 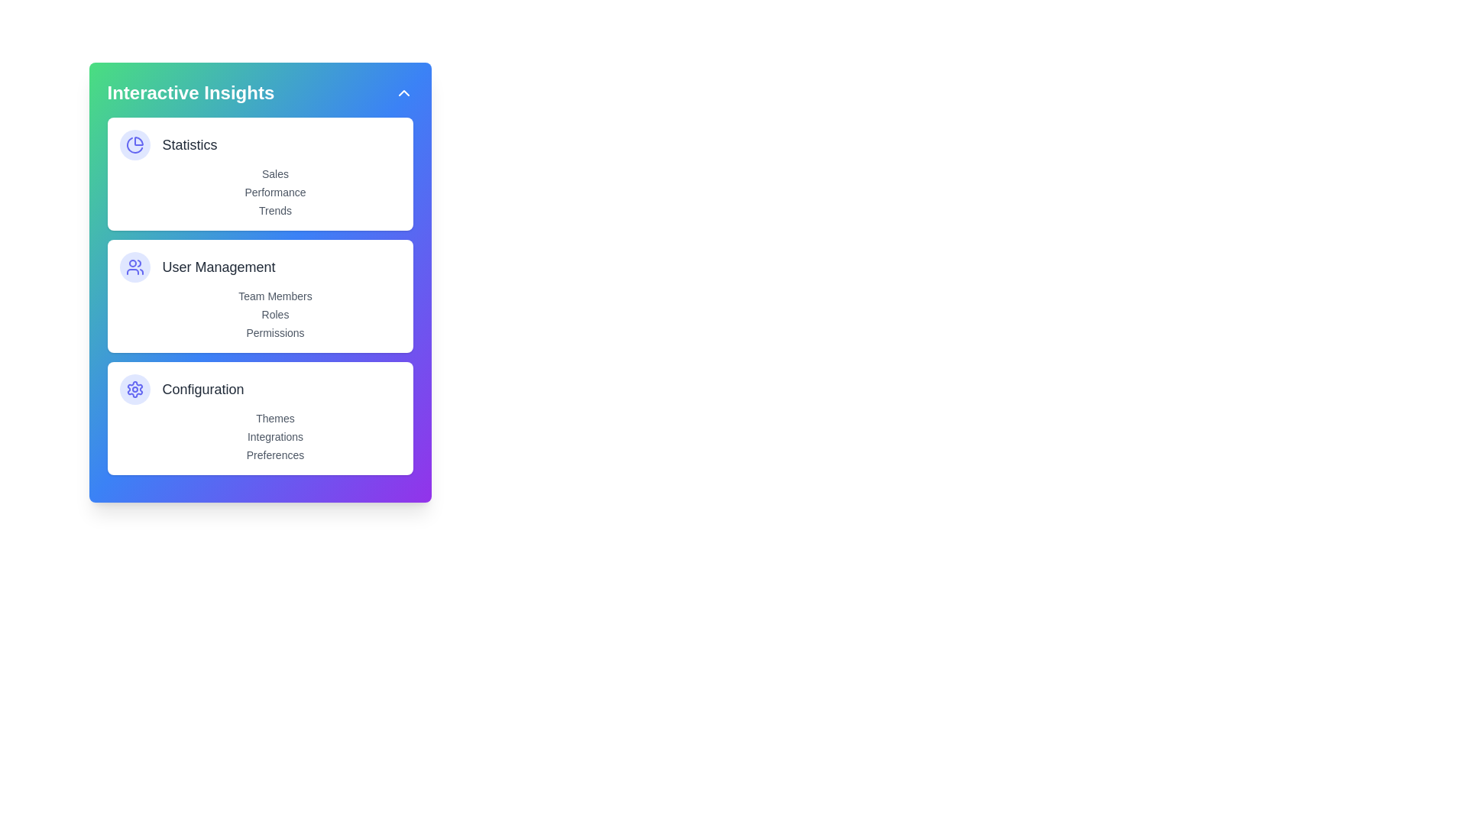 What do you see at coordinates (260, 144) in the screenshot?
I see `the Statistics section from the menu` at bounding box center [260, 144].